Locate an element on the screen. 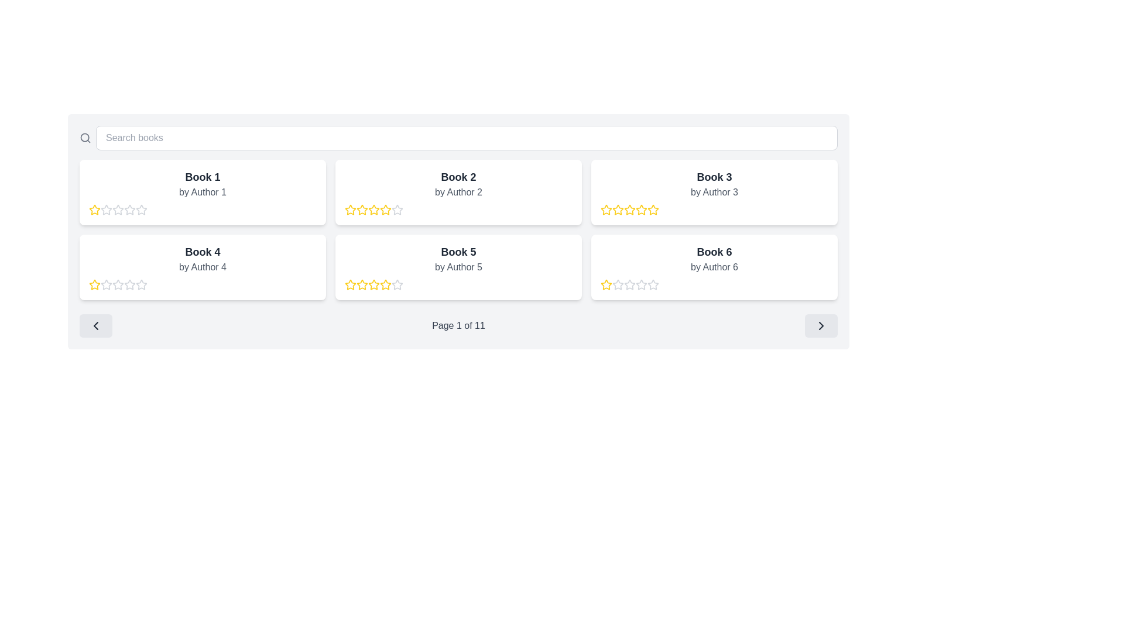 Image resolution: width=1124 pixels, height=632 pixels. the sixth card is located at coordinates (714, 267).